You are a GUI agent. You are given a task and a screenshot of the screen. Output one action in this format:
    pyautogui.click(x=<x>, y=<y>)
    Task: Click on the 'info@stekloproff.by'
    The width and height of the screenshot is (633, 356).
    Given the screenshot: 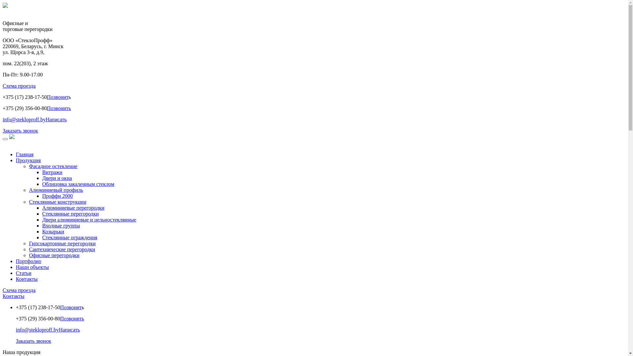 What is the action you would take?
    pyautogui.click(x=24, y=119)
    